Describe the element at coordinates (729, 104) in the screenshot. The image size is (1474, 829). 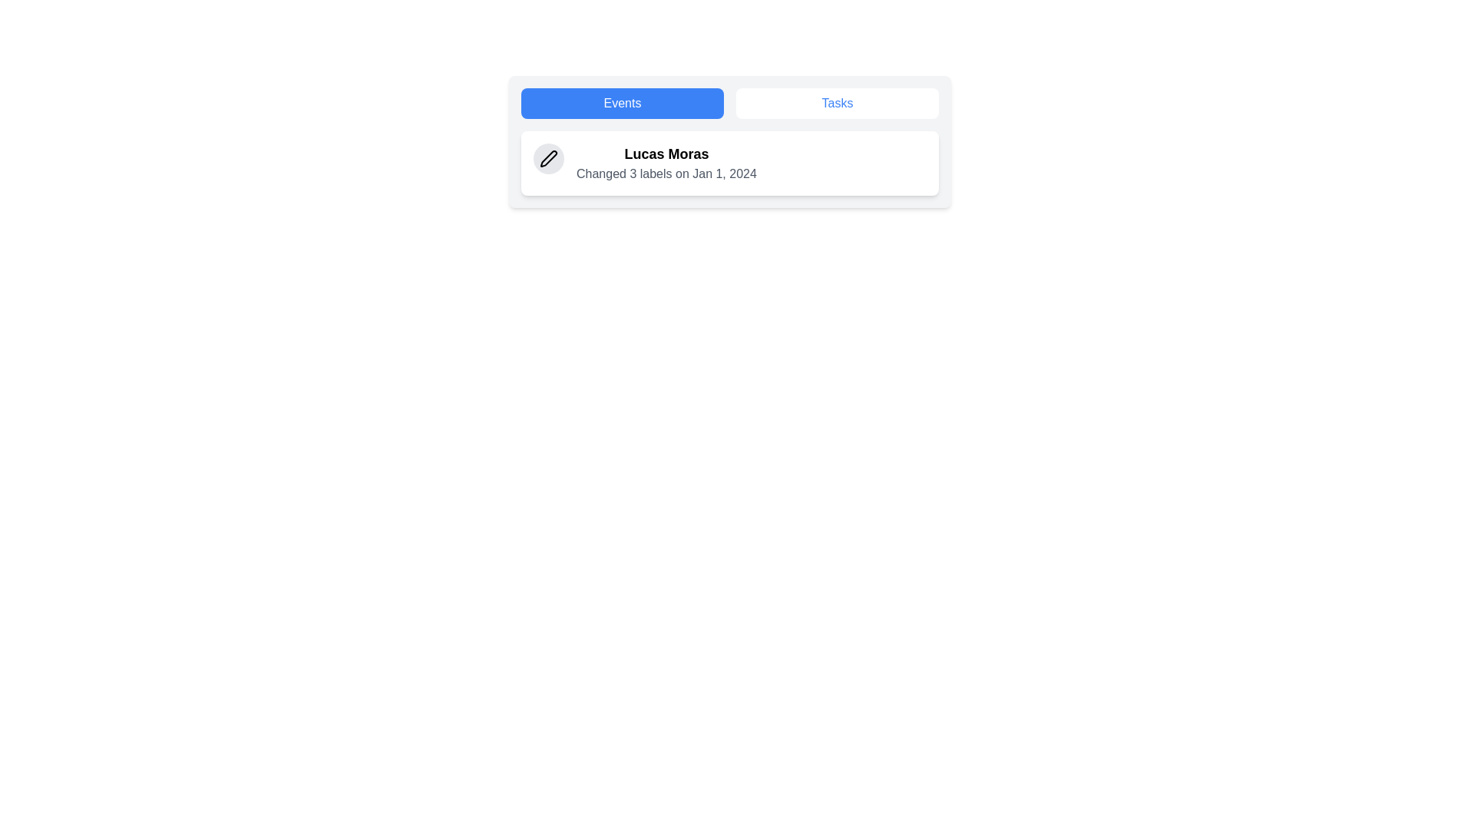
I see `the Toggle Button Group that allows toggling between 'Events' and 'Tasks'` at that location.